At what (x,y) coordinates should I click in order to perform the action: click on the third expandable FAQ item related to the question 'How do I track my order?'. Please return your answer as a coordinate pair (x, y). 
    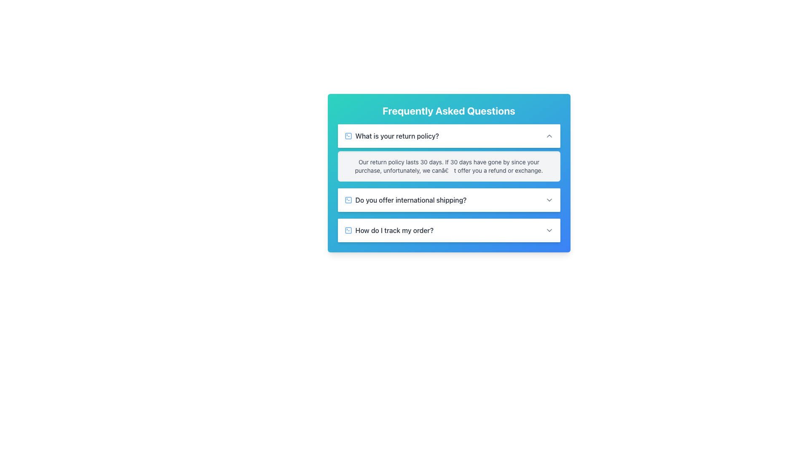
    Looking at the image, I should click on (448, 230).